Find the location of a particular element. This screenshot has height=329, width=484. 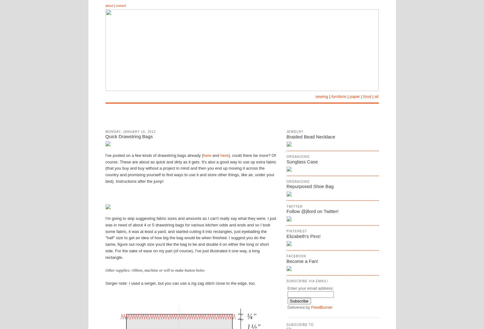

'contact' is located at coordinates (120, 6).